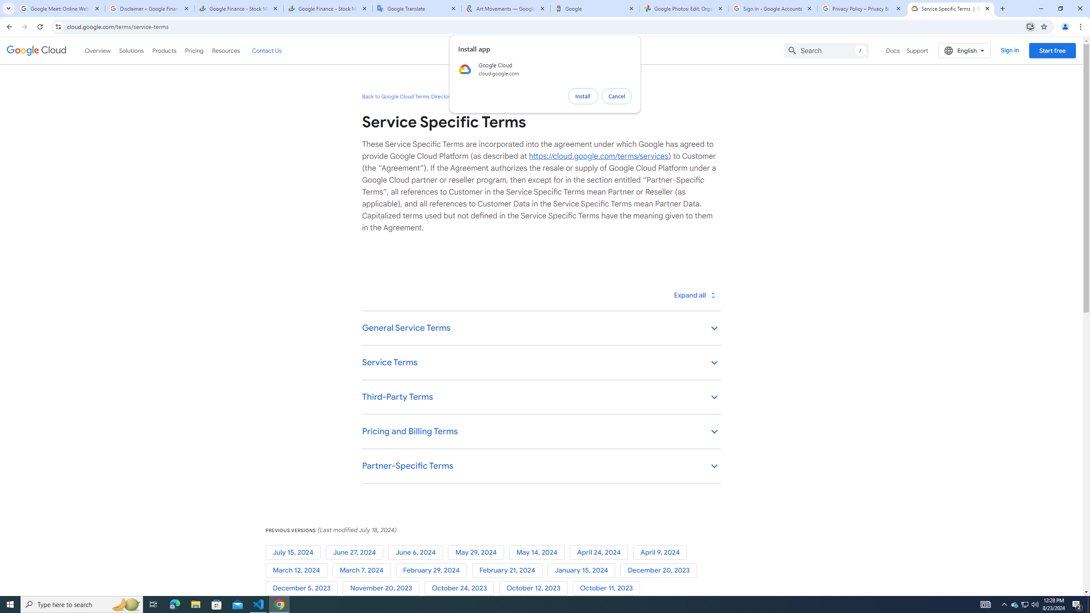 The width and height of the screenshot is (1090, 613). Describe the element at coordinates (98, 50) in the screenshot. I see `'Overview'` at that location.